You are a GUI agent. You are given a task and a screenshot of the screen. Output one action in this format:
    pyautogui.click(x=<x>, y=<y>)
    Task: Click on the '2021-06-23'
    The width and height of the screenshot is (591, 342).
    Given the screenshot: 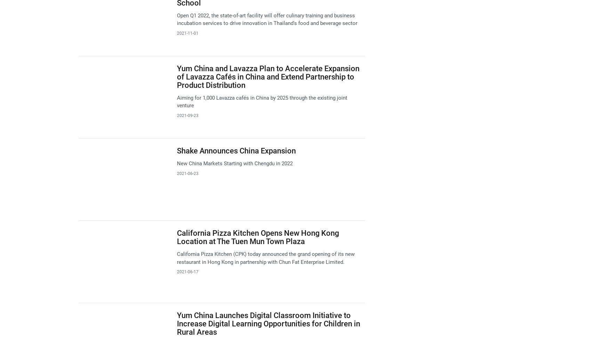 What is the action you would take?
    pyautogui.click(x=187, y=173)
    